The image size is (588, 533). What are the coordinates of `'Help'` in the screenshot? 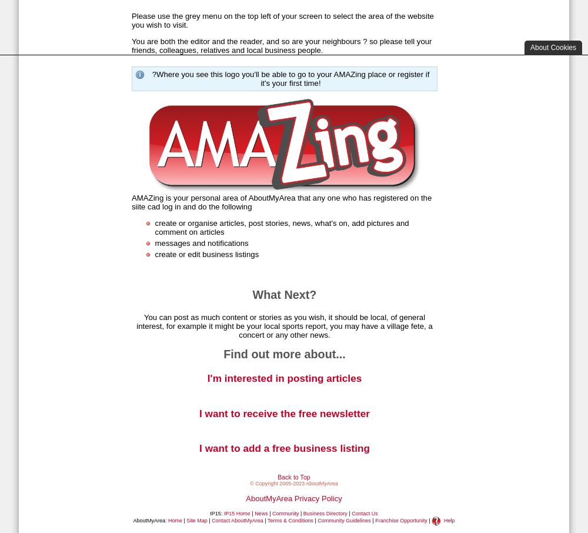 It's located at (449, 520).